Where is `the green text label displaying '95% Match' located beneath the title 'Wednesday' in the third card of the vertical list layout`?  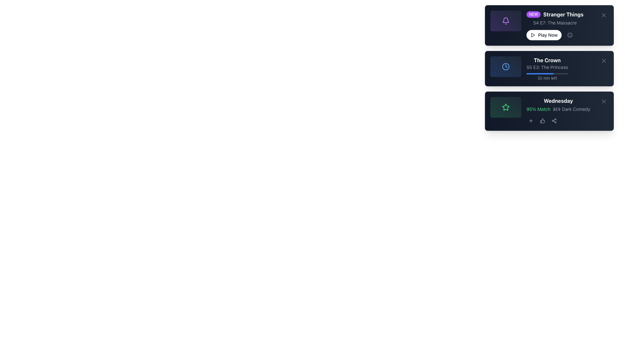
the green text label displaying '95% Match' located beneath the title 'Wednesday' in the third card of the vertical list layout is located at coordinates (549, 111).